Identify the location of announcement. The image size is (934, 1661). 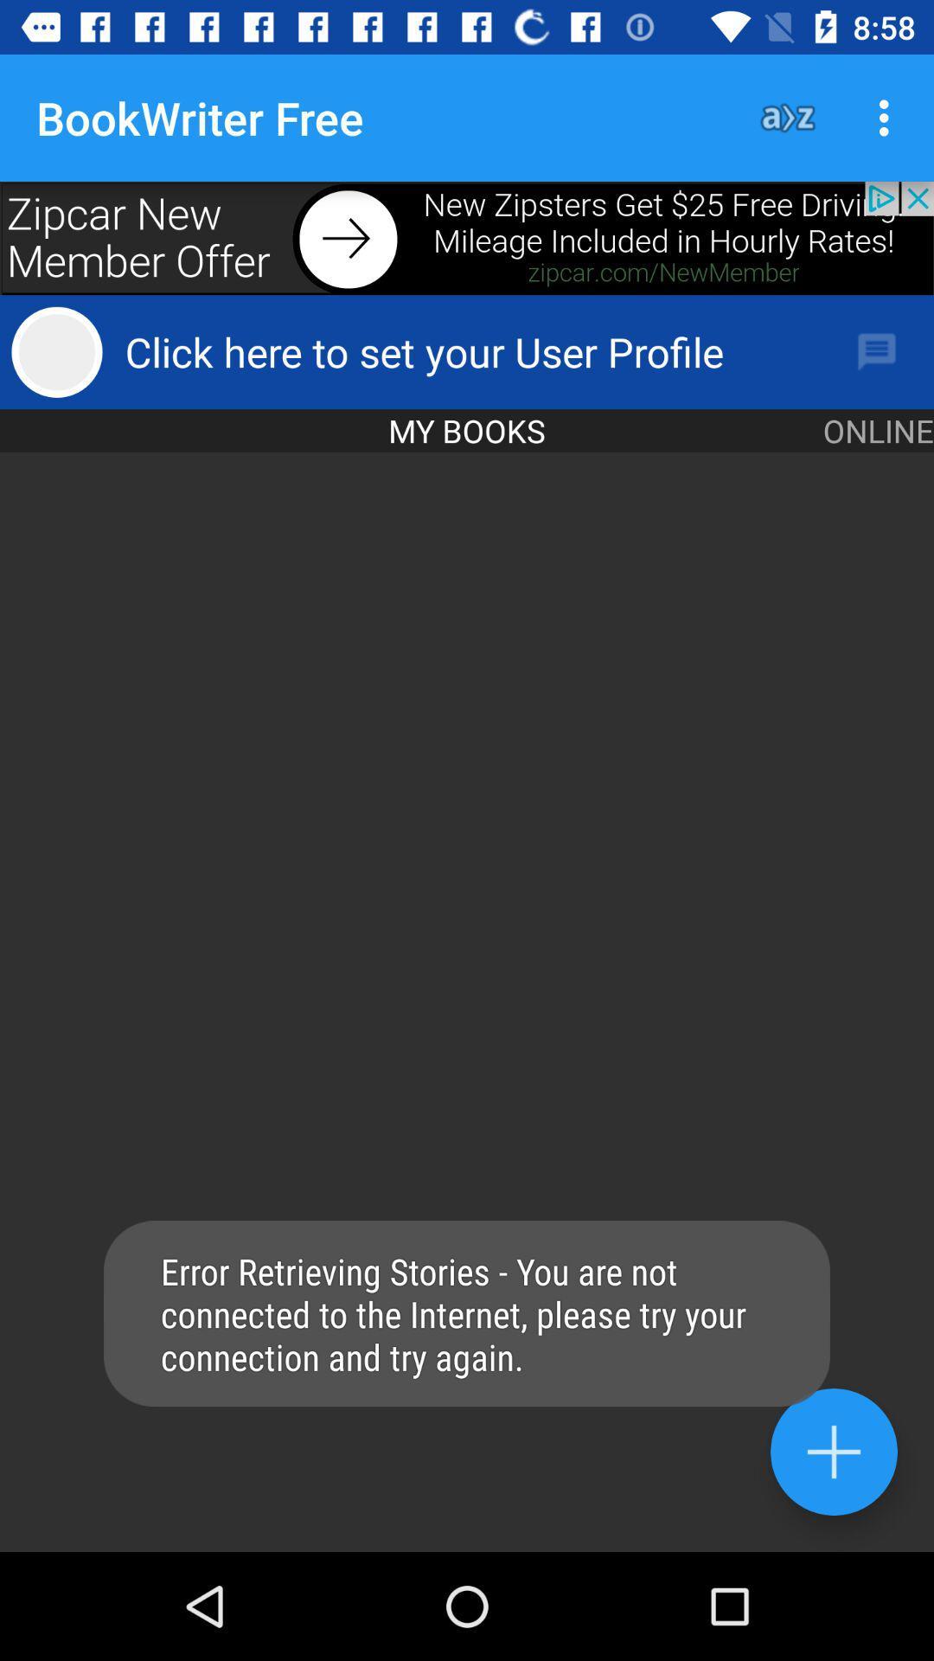
(467, 237).